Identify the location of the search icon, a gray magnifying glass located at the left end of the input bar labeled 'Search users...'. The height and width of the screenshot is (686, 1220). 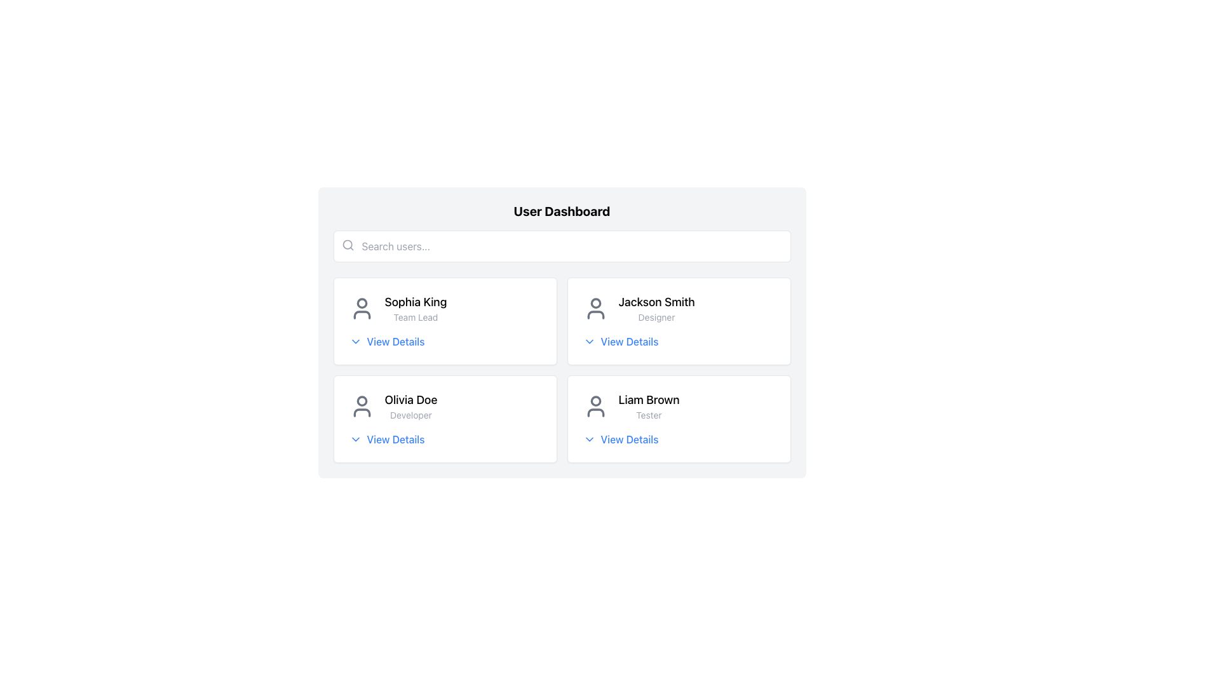
(348, 245).